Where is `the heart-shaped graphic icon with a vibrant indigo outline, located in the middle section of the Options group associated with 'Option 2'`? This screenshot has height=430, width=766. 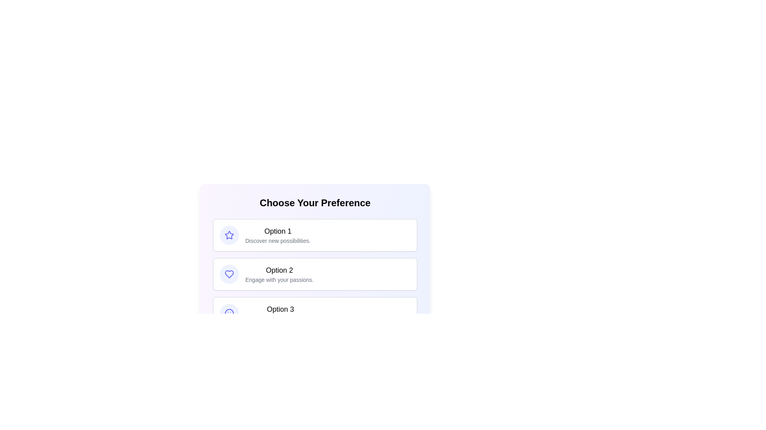
the heart-shaped graphic icon with a vibrant indigo outline, located in the middle section of the Options group associated with 'Option 2' is located at coordinates (229, 274).